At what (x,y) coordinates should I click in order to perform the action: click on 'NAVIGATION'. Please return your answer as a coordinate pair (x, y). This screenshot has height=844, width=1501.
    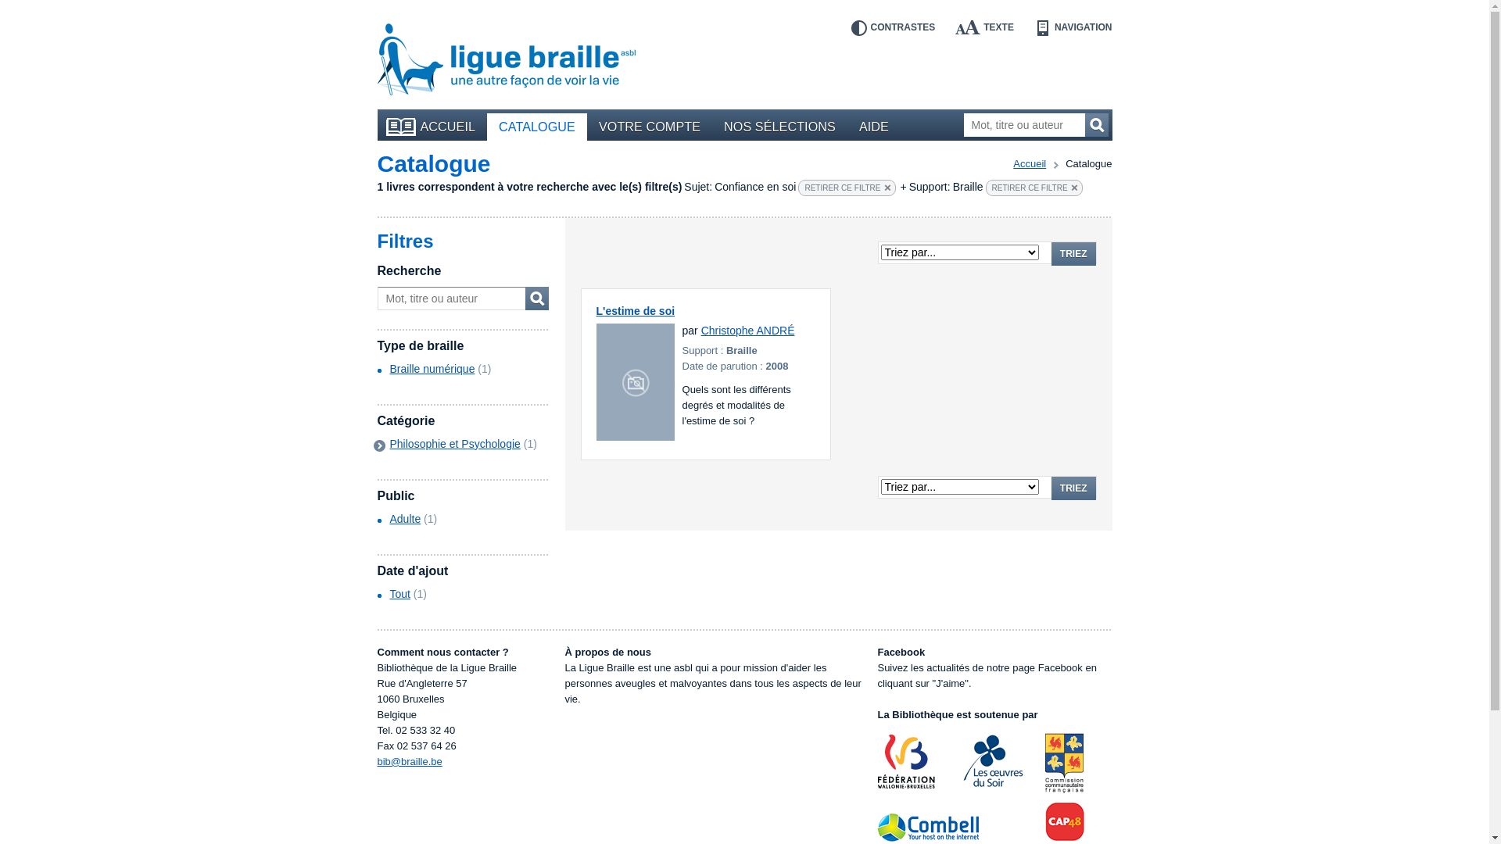
    Looking at the image, I should click on (1072, 27).